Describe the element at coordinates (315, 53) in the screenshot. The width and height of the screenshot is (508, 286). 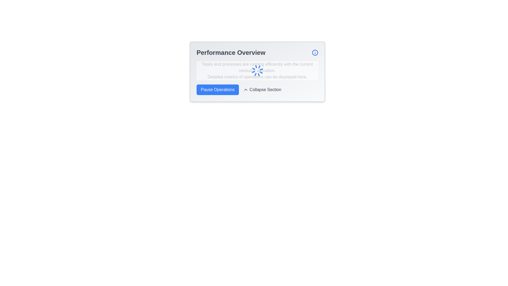
I see `the decorative icon in the top-right corner of the 'Performance Overview' panel, which points users towards additional resources or insights` at that location.